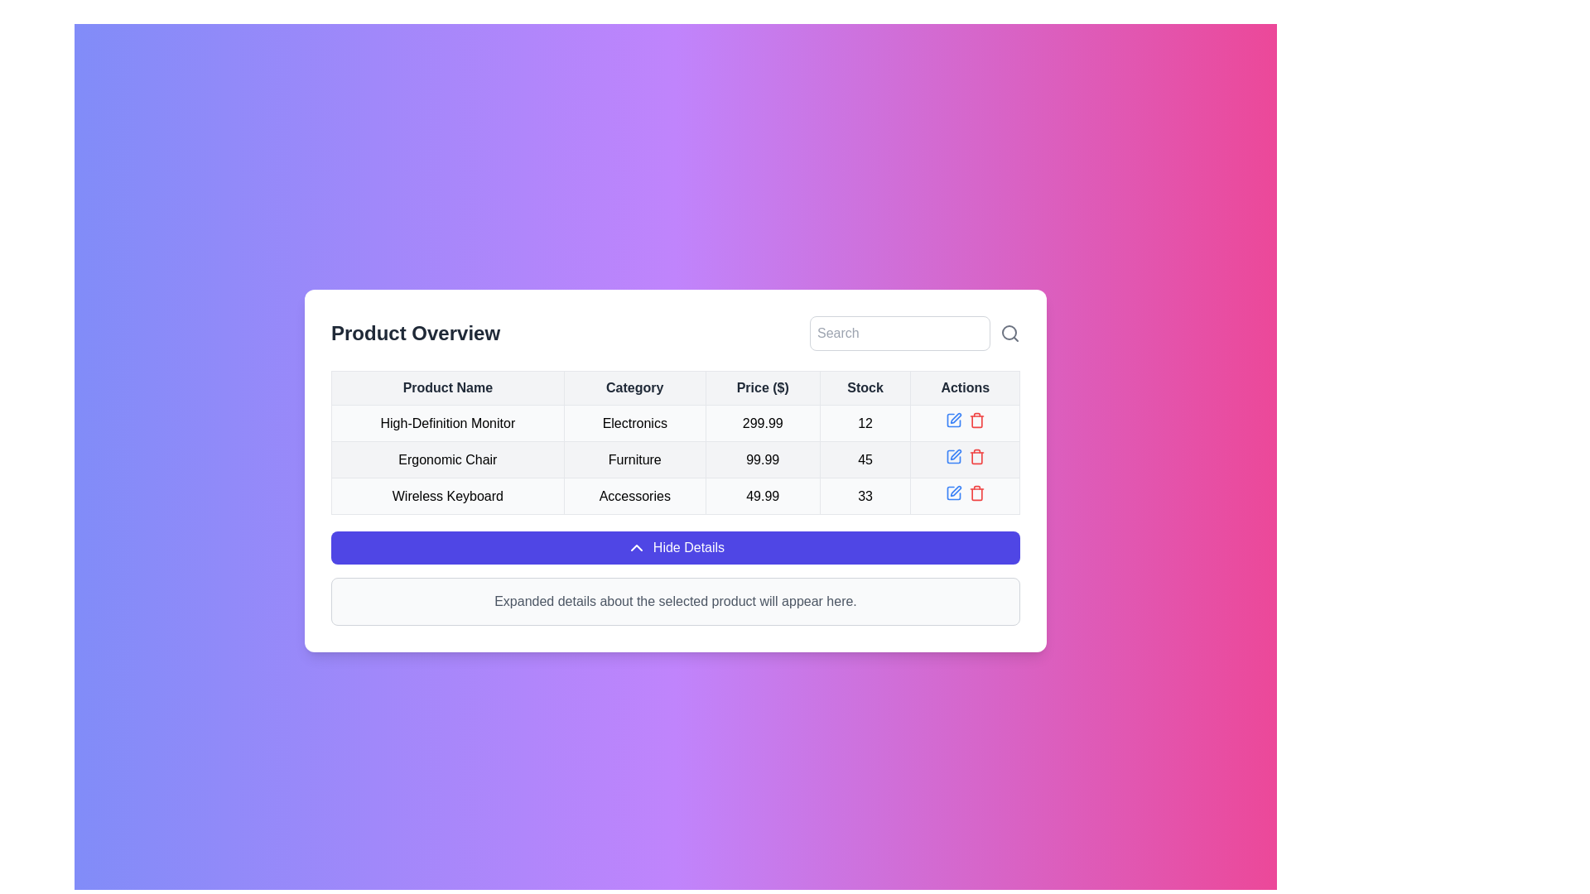 The height and width of the screenshot is (894, 1590). I want to click on text label identifying the product 'High-Definition Monitor' located in the first row of the product list table, so click(447, 422).